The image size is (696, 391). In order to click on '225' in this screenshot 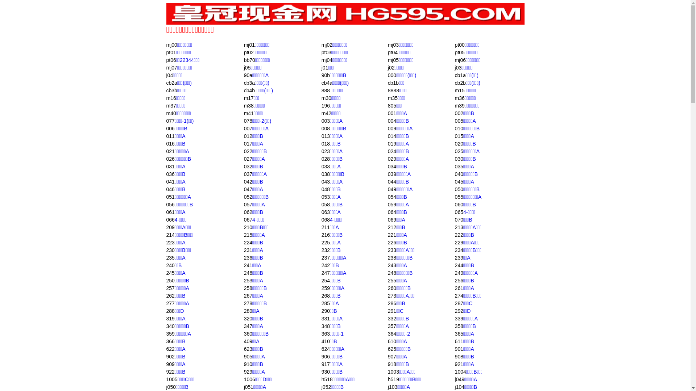, I will do `click(325, 243)`.